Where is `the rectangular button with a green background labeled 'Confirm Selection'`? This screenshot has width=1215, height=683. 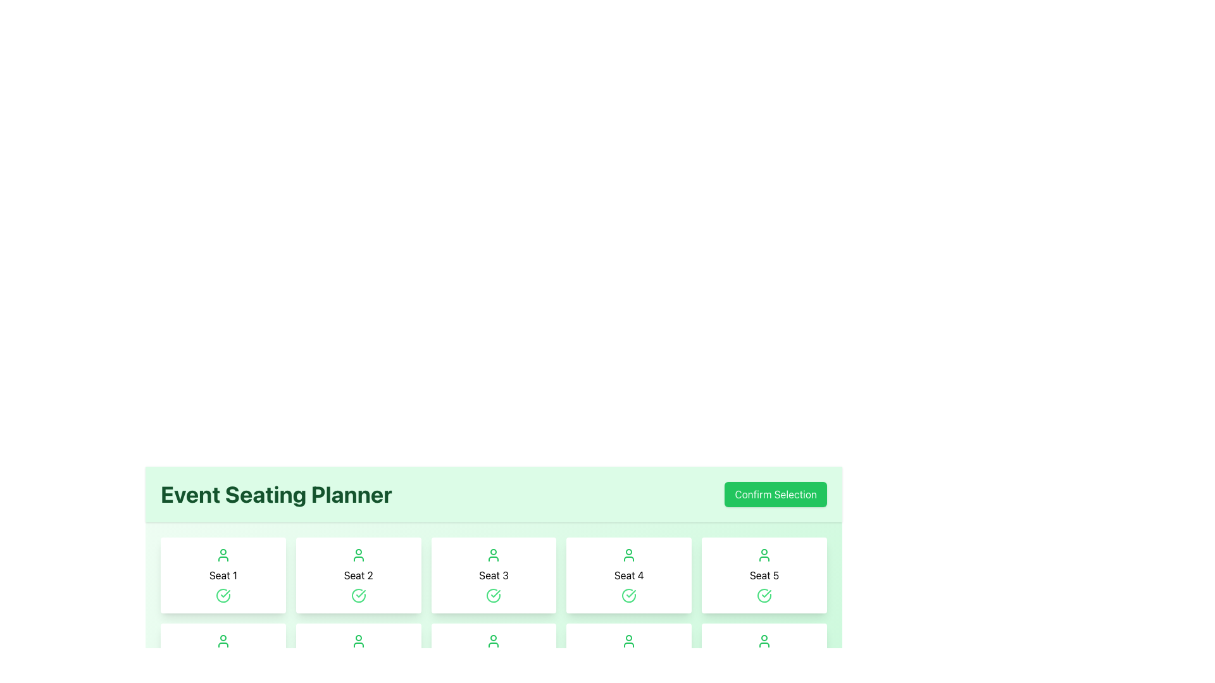 the rectangular button with a green background labeled 'Confirm Selection' is located at coordinates (775, 494).